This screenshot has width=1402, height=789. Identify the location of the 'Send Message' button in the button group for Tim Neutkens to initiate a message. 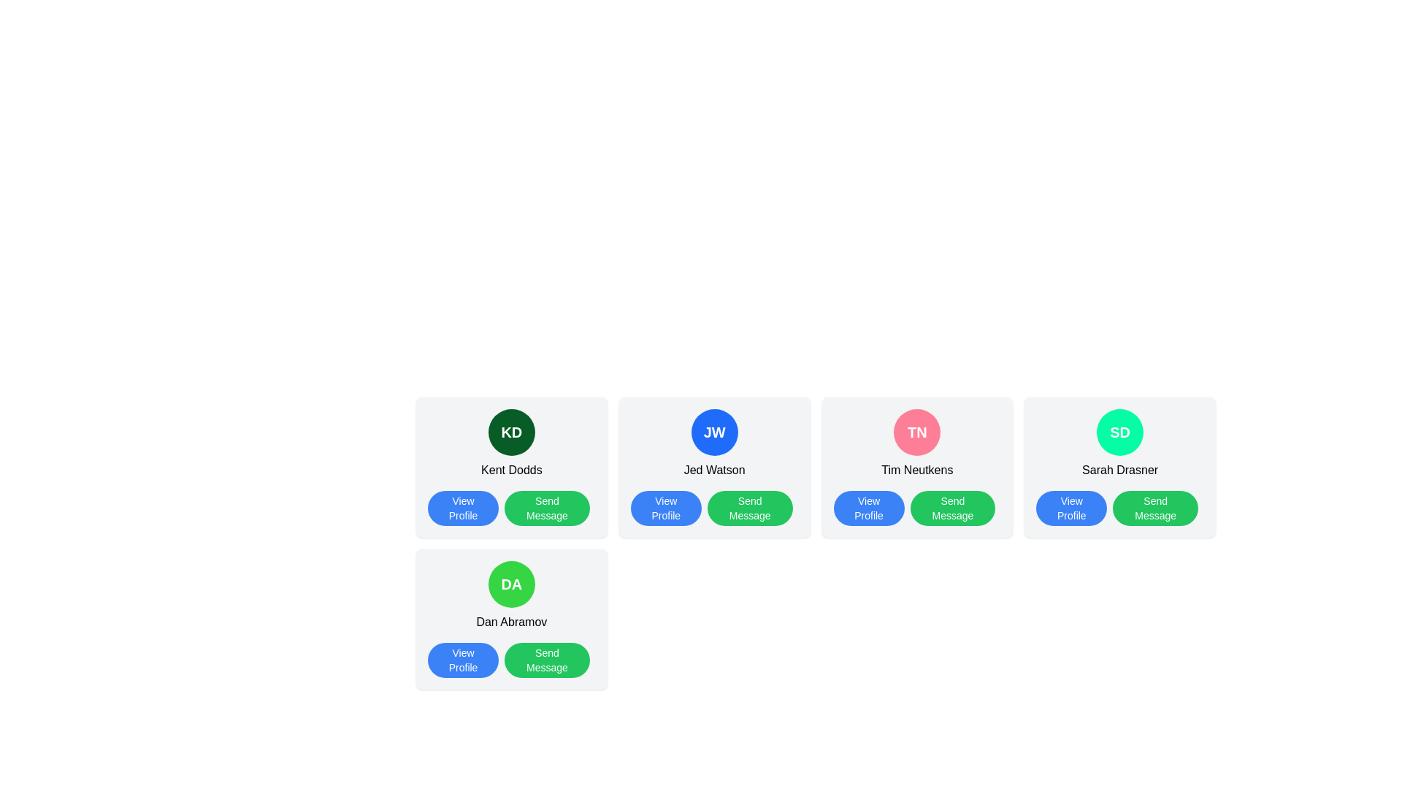
(916, 507).